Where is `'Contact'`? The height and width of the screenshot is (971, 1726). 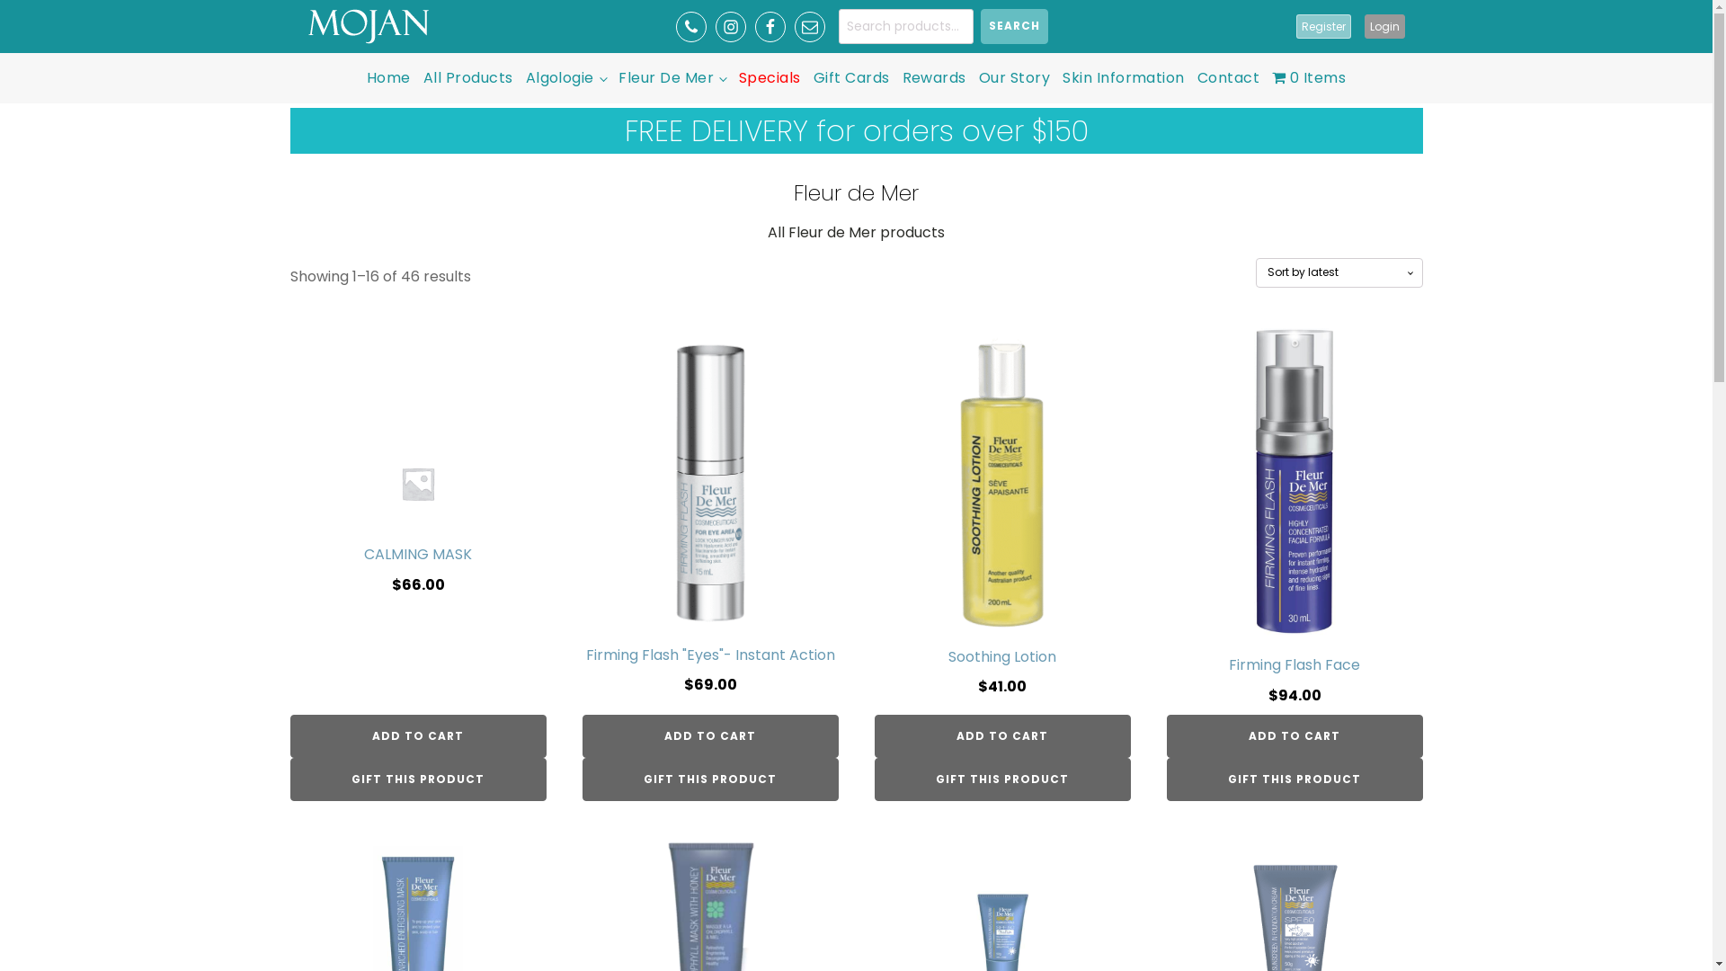 'Contact' is located at coordinates (1227, 77).